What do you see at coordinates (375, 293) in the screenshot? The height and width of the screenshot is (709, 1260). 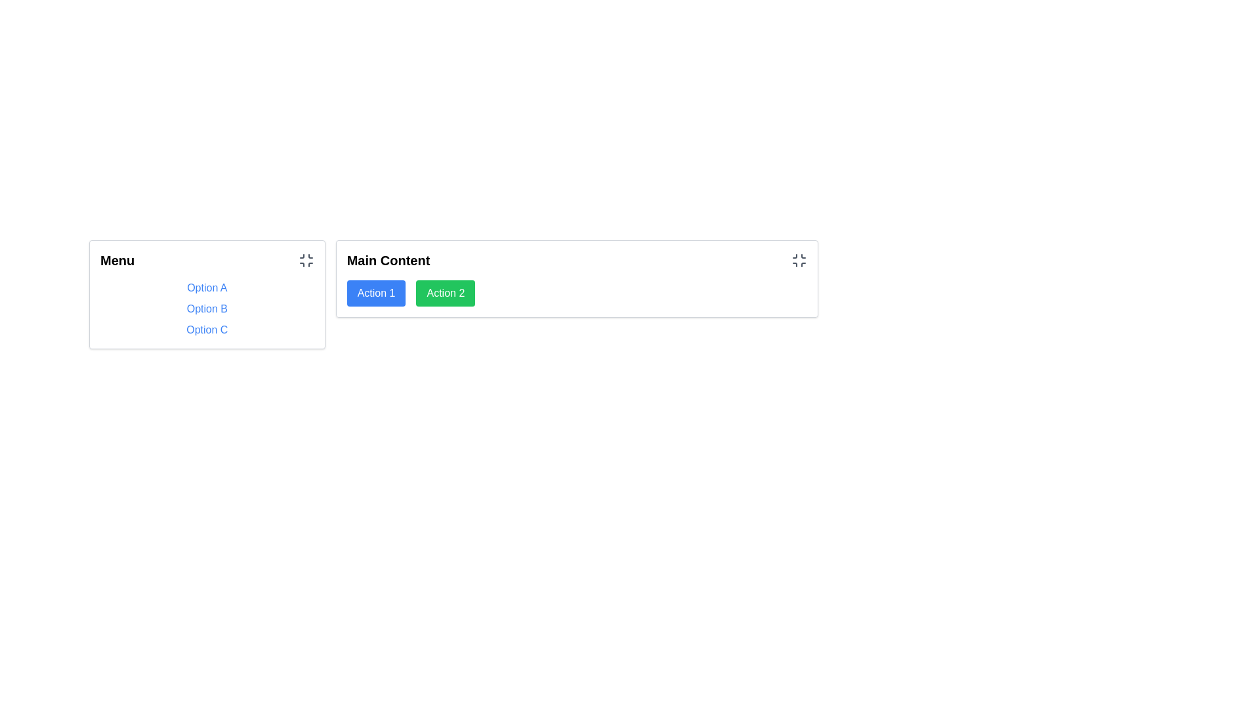 I see `the first button in the Main Content section, labeled 'Action 1'` at bounding box center [375, 293].